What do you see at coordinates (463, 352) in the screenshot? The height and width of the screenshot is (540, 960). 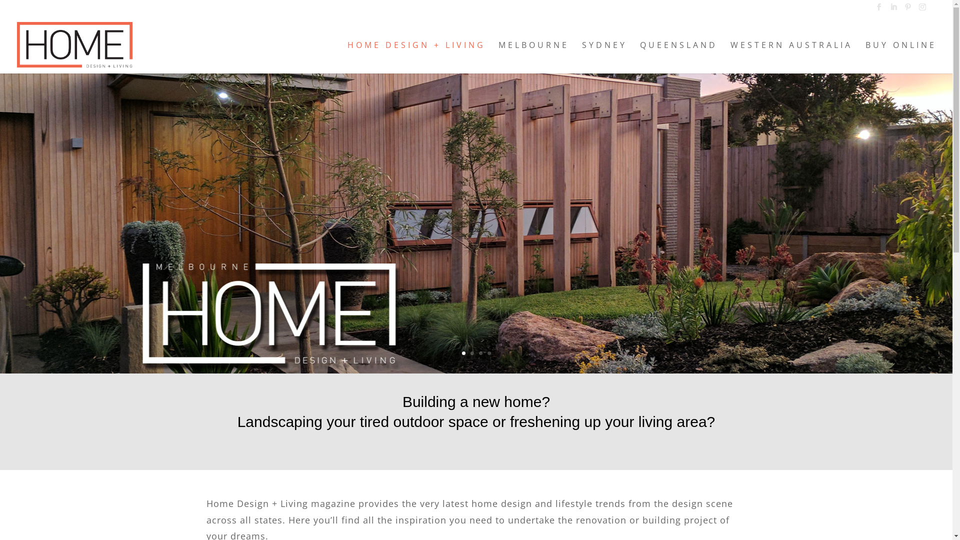 I see `'1'` at bounding box center [463, 352].